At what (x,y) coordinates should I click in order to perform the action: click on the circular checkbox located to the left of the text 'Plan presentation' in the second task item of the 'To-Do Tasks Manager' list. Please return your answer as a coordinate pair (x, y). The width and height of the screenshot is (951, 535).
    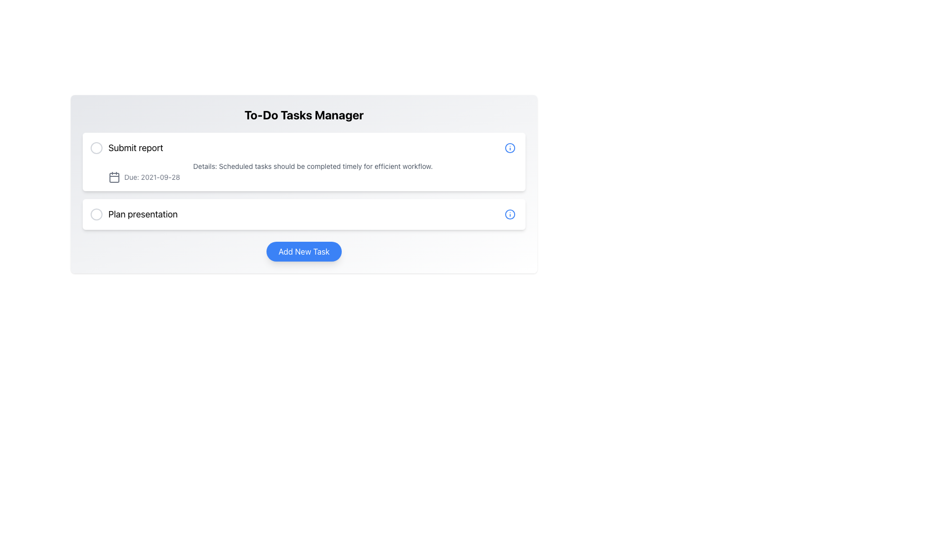
    Looking at the image, I should click on (97, 214).